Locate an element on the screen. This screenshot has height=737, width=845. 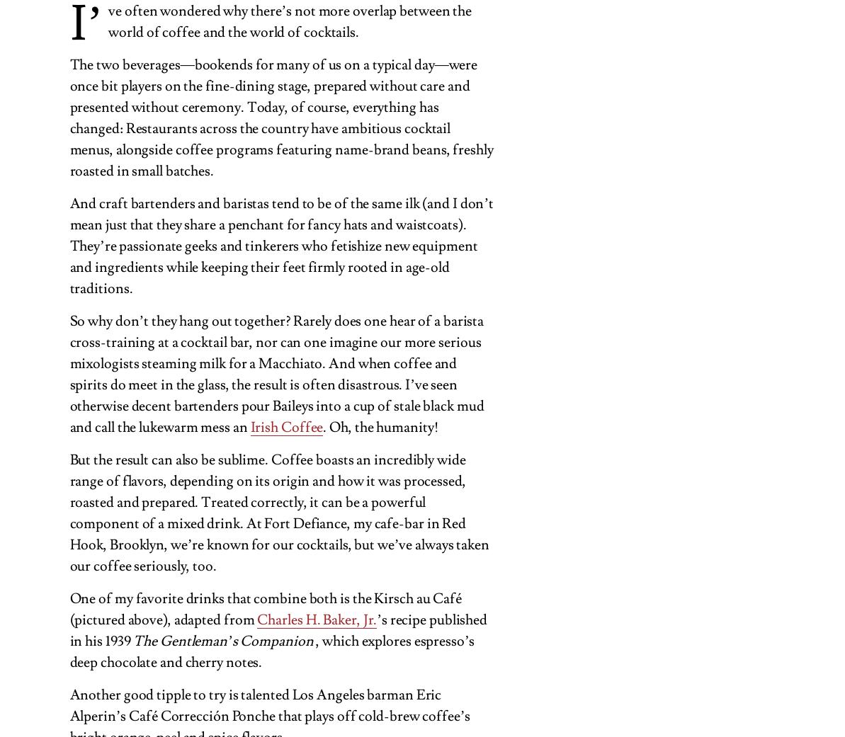
'’s recipe published in his 1939' is located at coordinates (277, 629).